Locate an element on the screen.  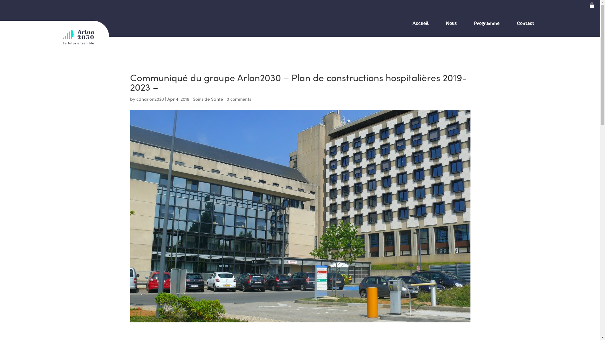
'0 comments' is located at coordinates (238, 99).